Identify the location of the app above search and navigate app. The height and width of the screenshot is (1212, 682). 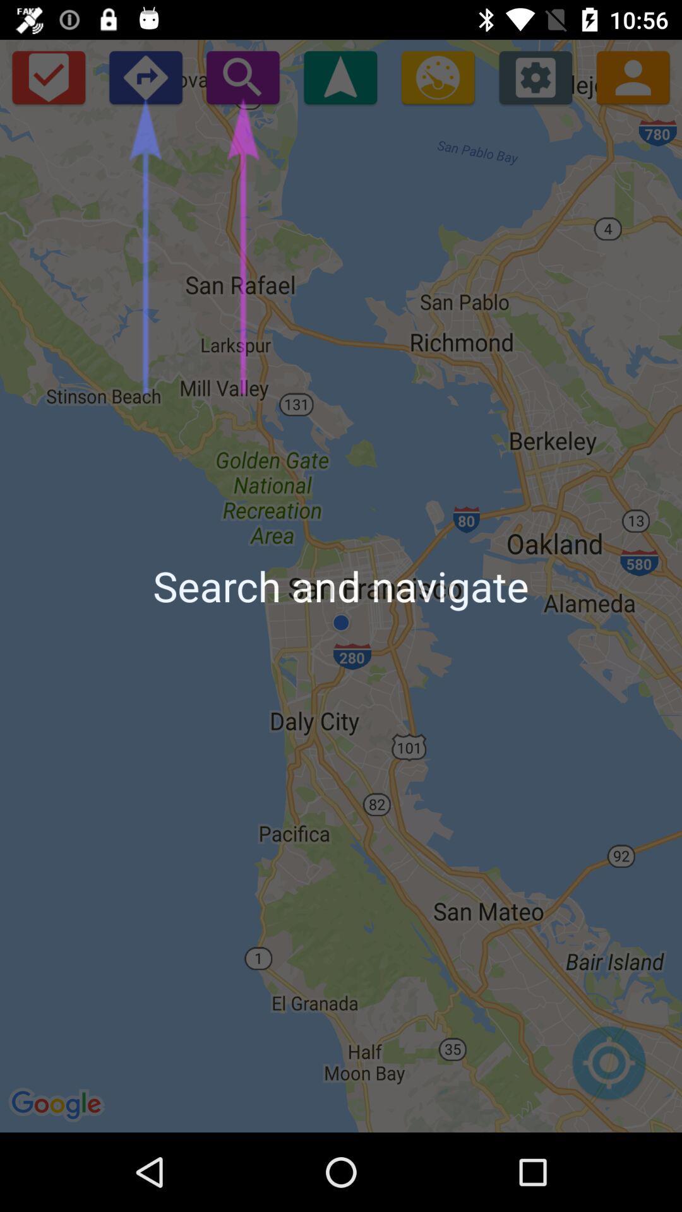
(340, 76).